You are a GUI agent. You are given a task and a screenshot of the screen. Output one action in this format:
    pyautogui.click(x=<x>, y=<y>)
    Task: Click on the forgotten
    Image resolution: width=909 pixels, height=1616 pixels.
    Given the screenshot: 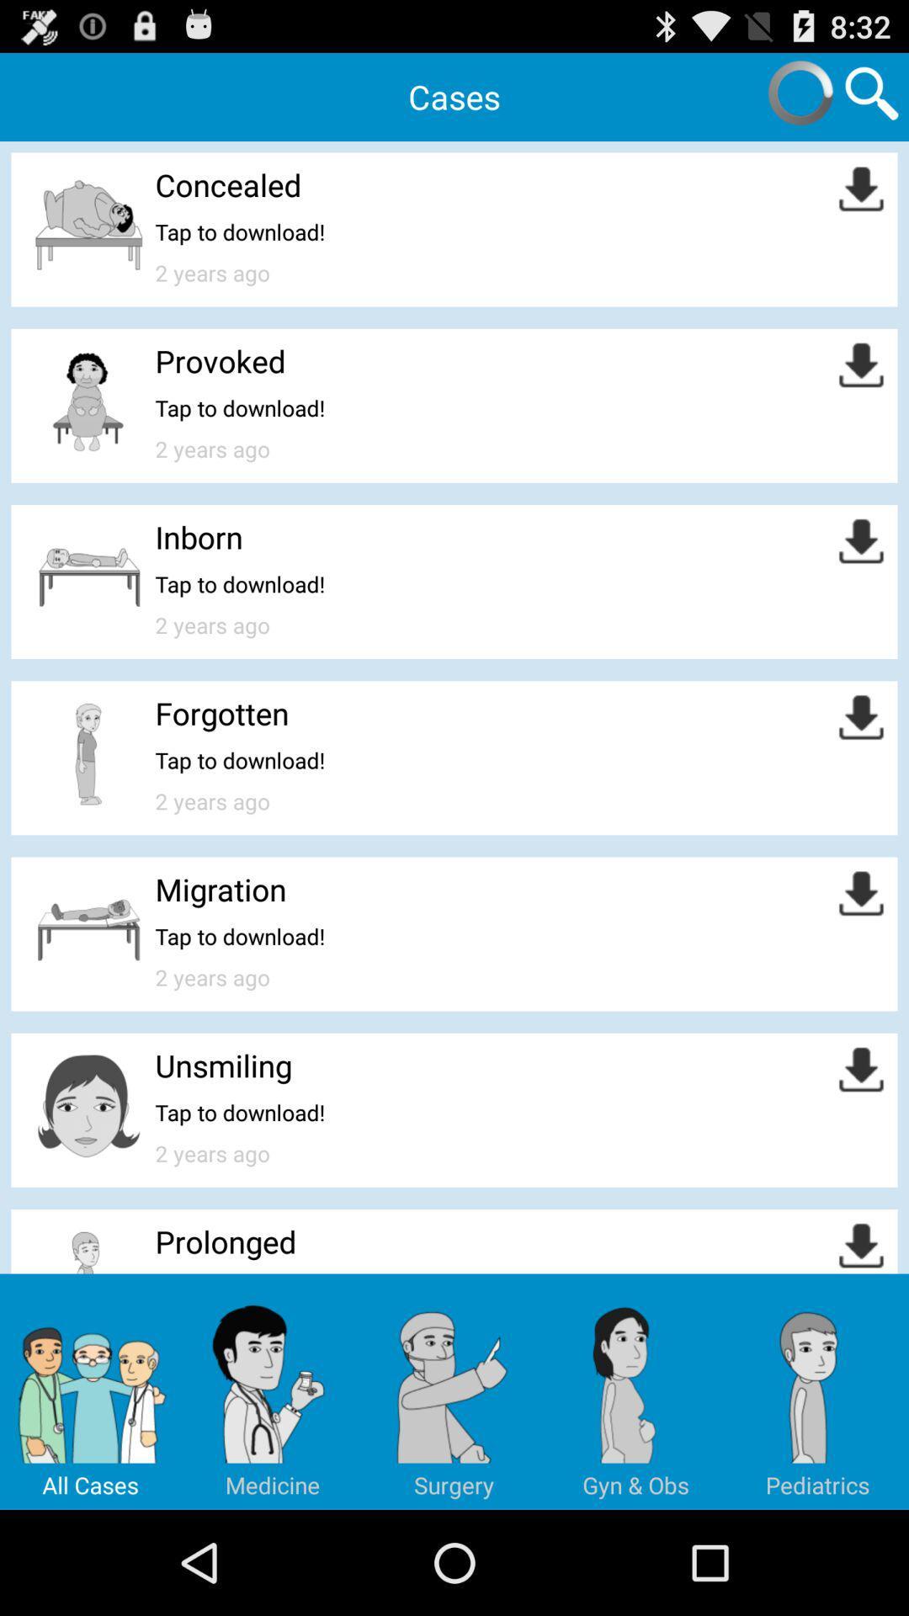 What is the action you would take?
    pyautogui.click(x=221, y=713)
    